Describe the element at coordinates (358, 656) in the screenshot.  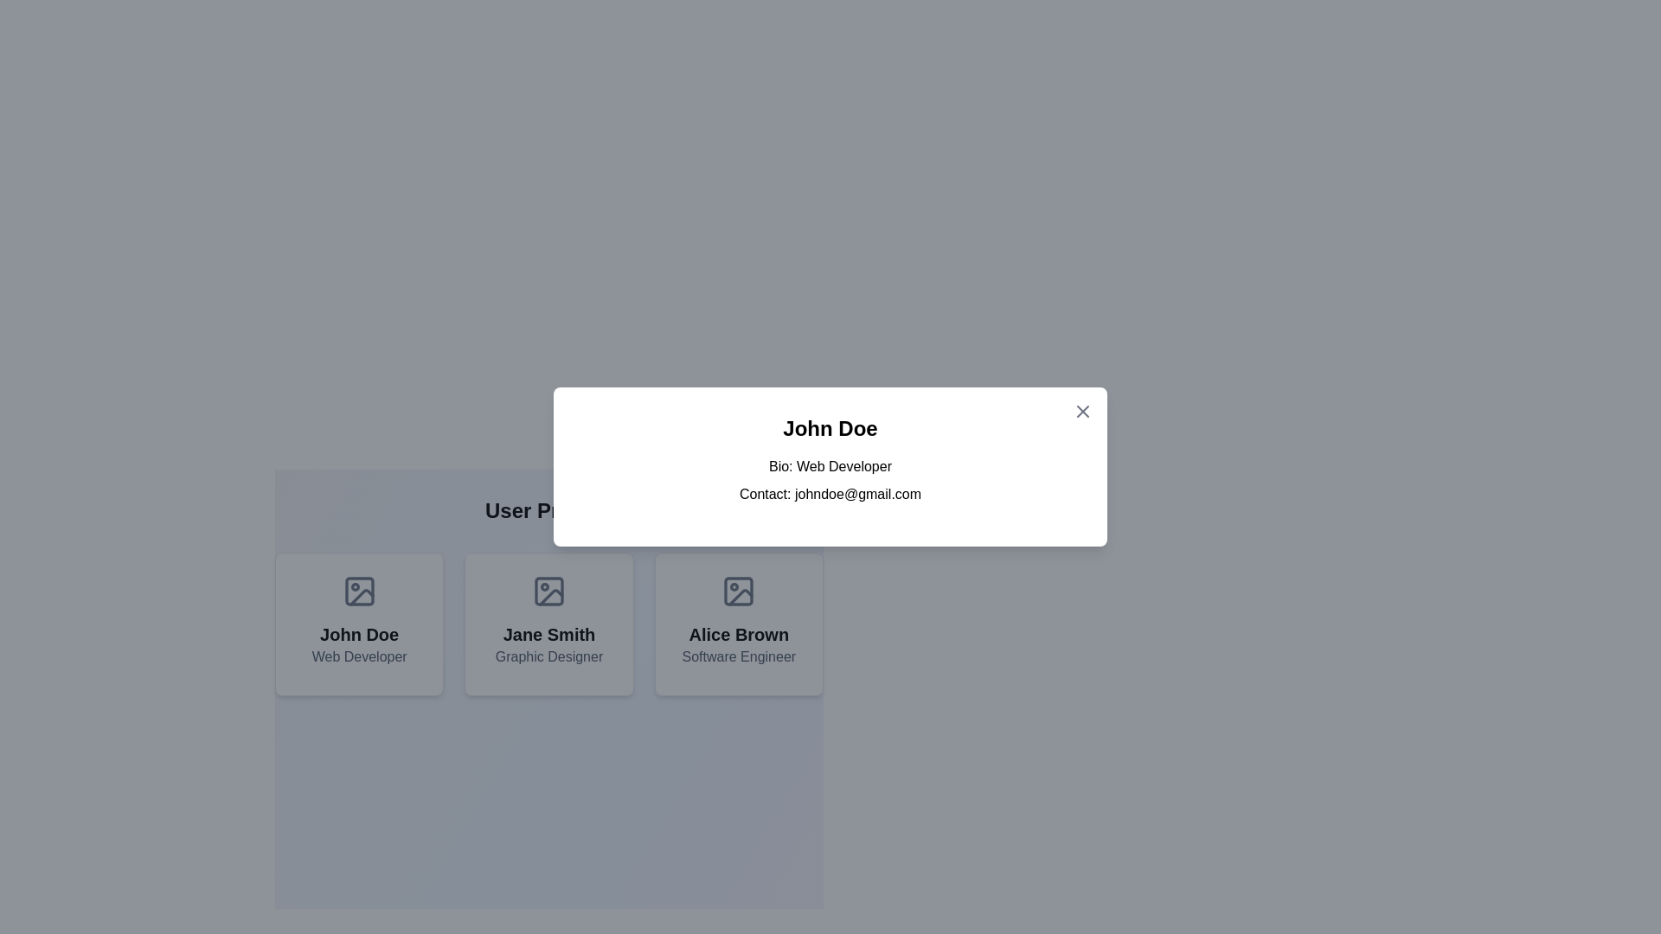
I see `the text label 'Web Developer' which is styled with a gray font and positioned below 'John Doe' in the profile card` at that location.